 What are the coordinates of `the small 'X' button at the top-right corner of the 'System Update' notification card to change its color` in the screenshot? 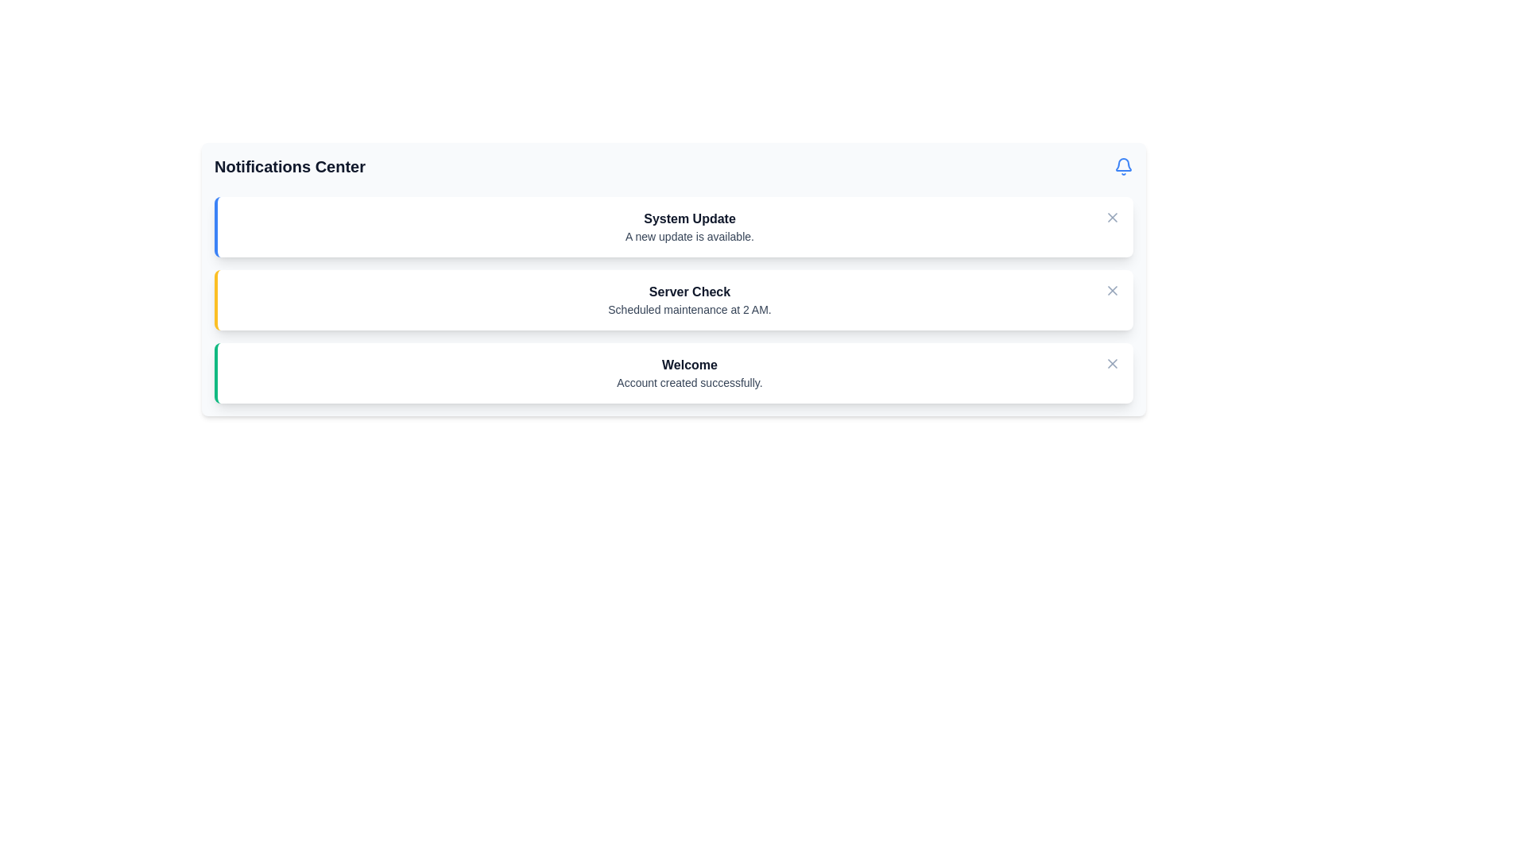 It's located at (1112, 217).